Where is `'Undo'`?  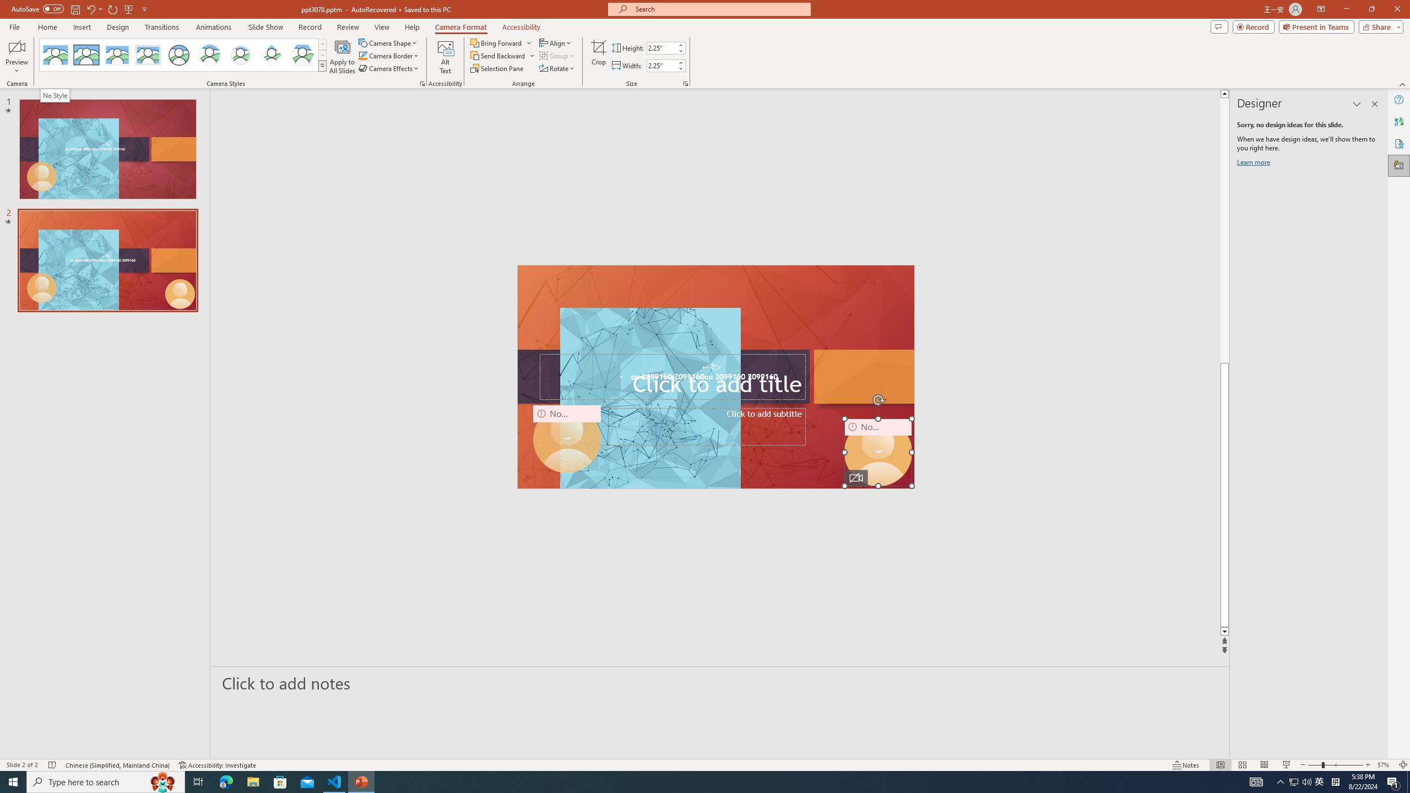
'Undo' is located at coordinates (90, 8).